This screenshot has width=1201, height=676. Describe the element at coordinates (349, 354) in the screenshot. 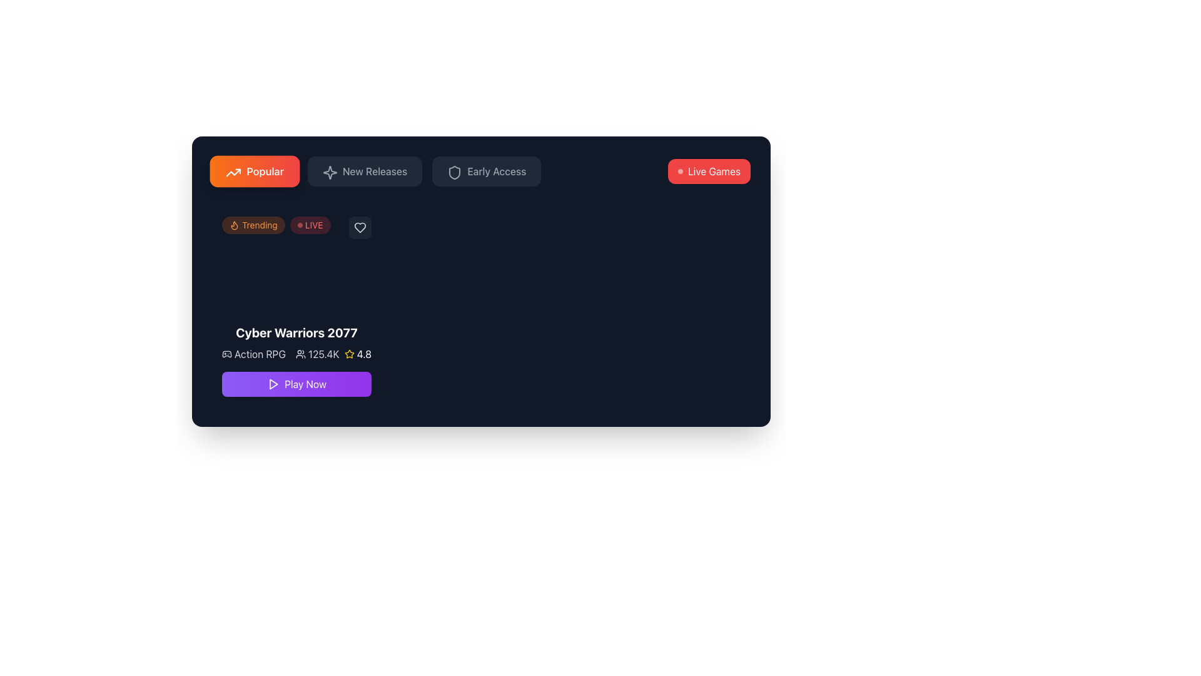

I see `the star rating icon located to the left of the numeric indication '4.8'` at that location.